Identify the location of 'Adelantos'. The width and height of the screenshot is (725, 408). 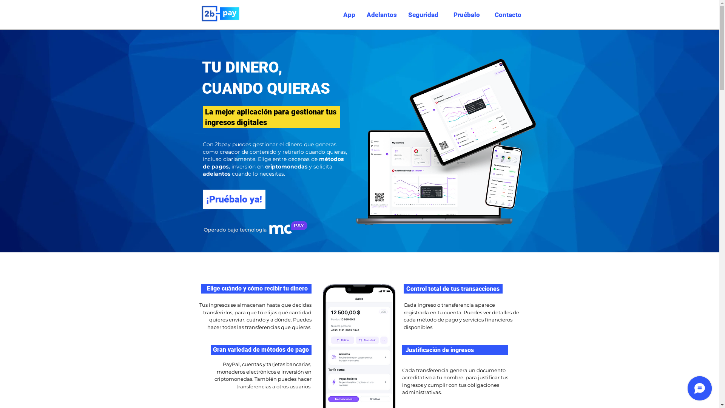
(360, 14).